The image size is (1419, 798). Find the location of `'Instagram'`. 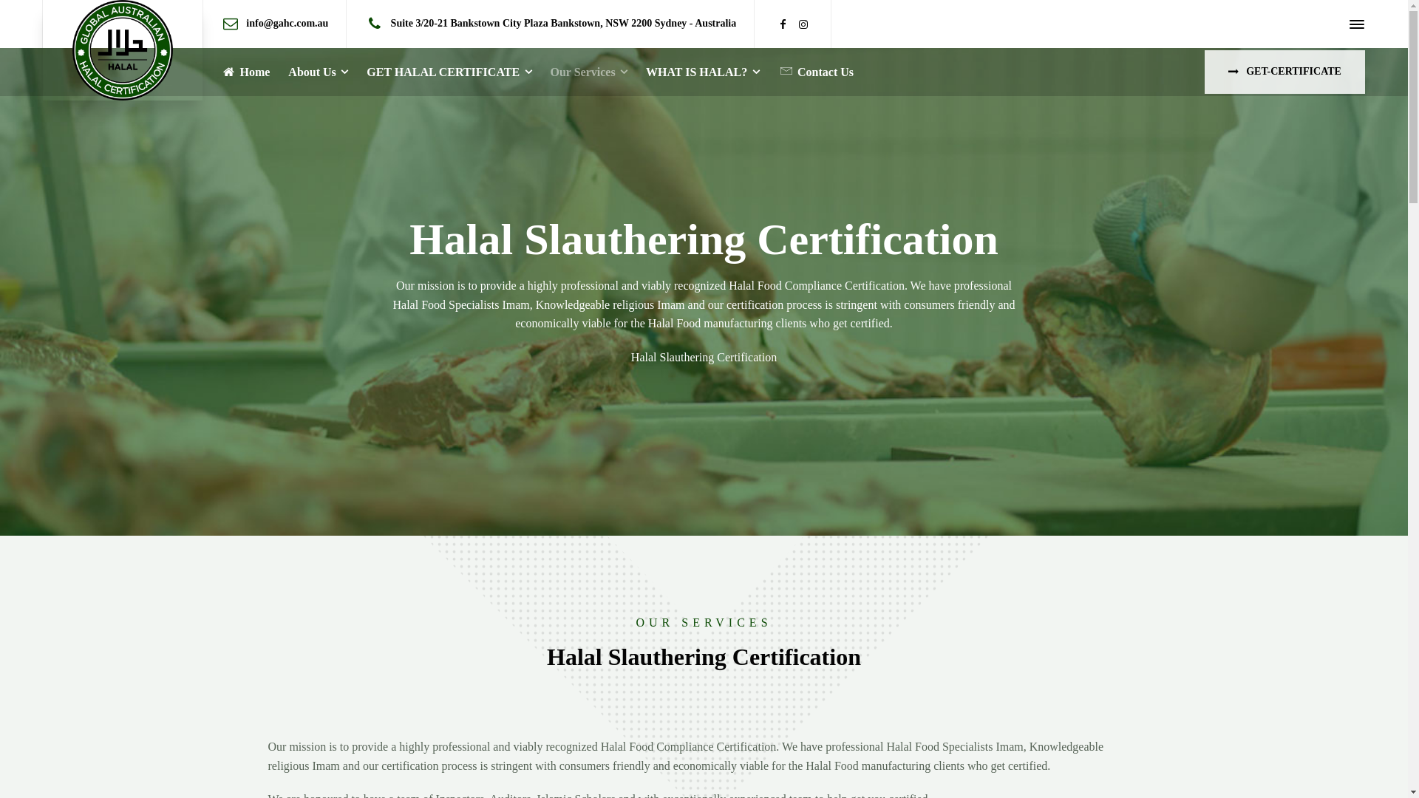

'Instagram' is located at coordinates (794, 24).